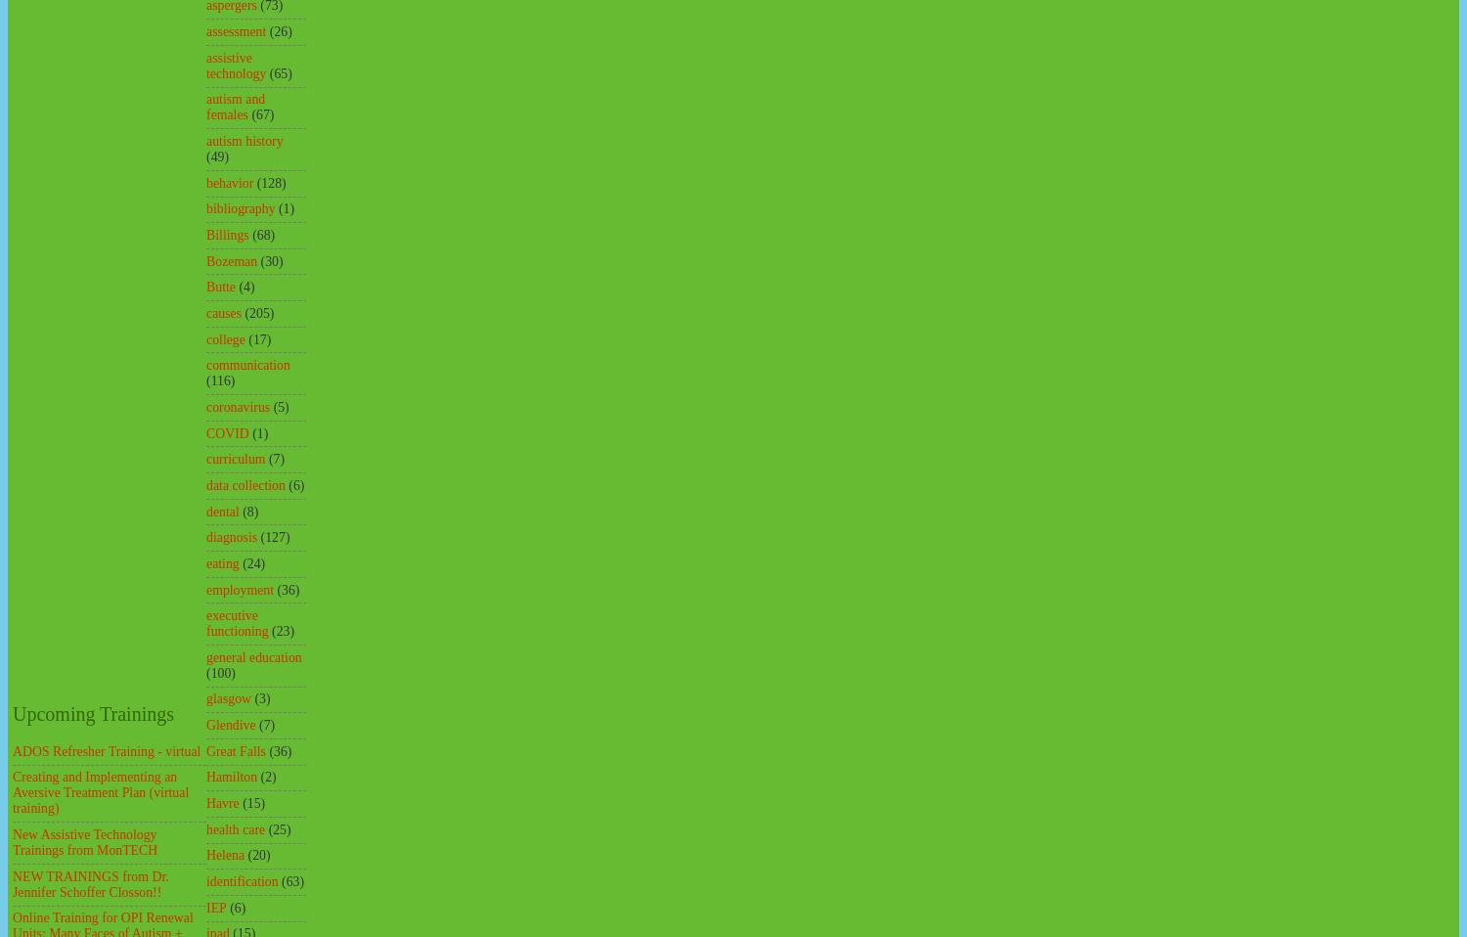  What do you see at coordinates (271, 630) in the screenshot?
I see `'(23)'` at bounding box center [271, 630].